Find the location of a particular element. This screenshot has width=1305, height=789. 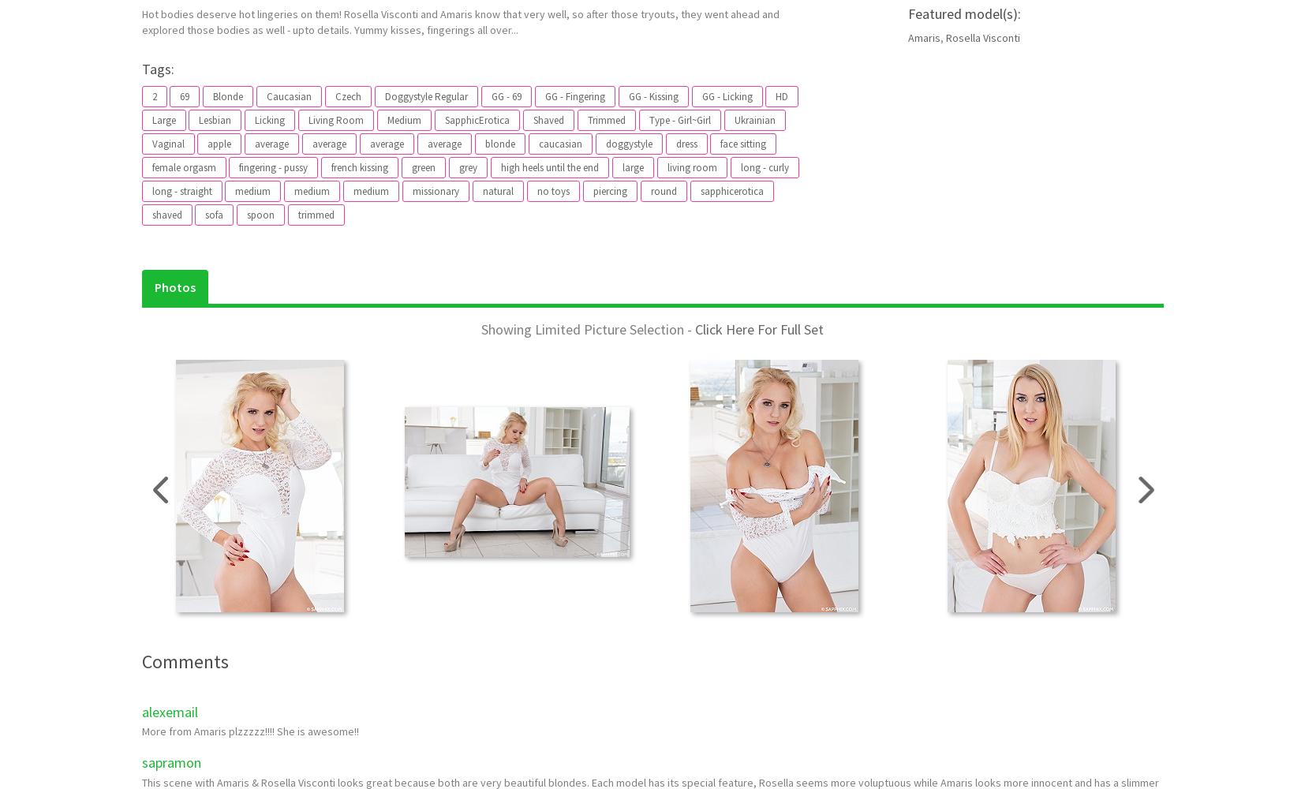

'caucasian' is located at coordinates (559, 144).